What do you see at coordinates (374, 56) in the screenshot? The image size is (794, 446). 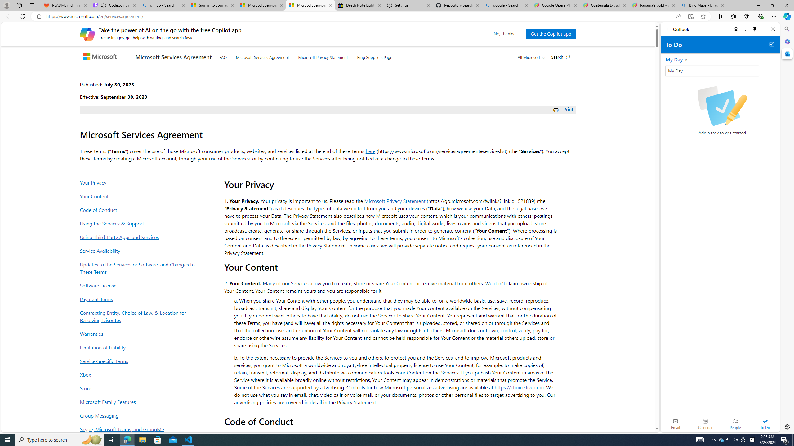 I see `'Bing Suppliers Page'` at bounding box center [374, 56].